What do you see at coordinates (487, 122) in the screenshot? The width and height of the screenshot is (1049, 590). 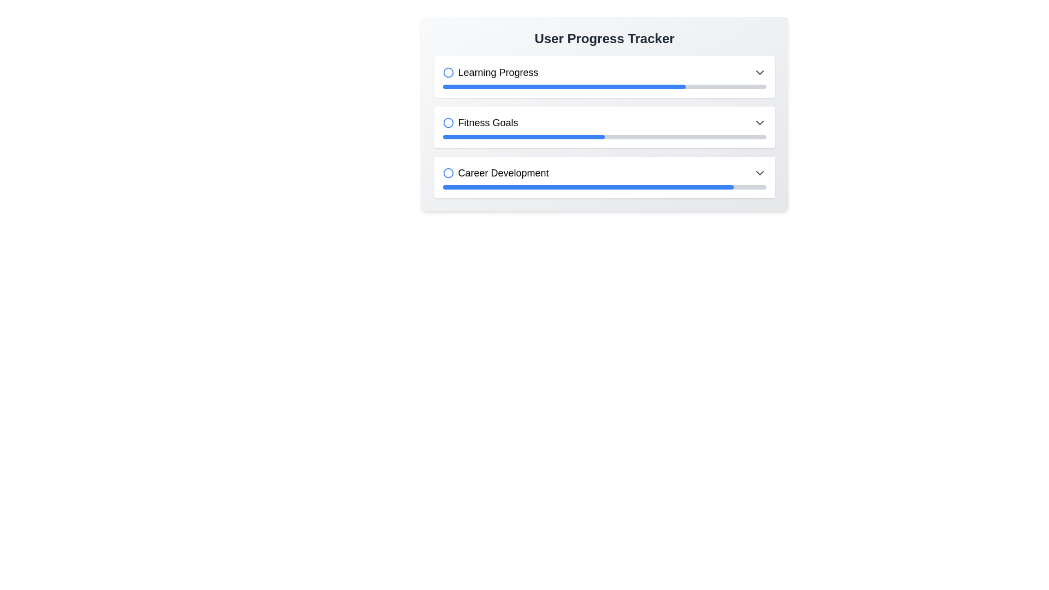 I see `textual label 'Fitness Goals' which is displayed in a bold font and is located beside a blue circular icon in the progress tracker interface` at bounding box center [487, 122].